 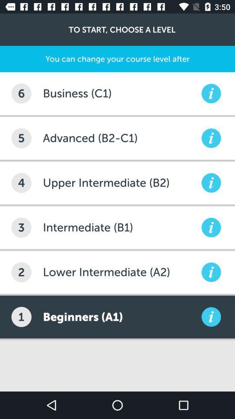 I want to click on details, so click(x=211, y=316).